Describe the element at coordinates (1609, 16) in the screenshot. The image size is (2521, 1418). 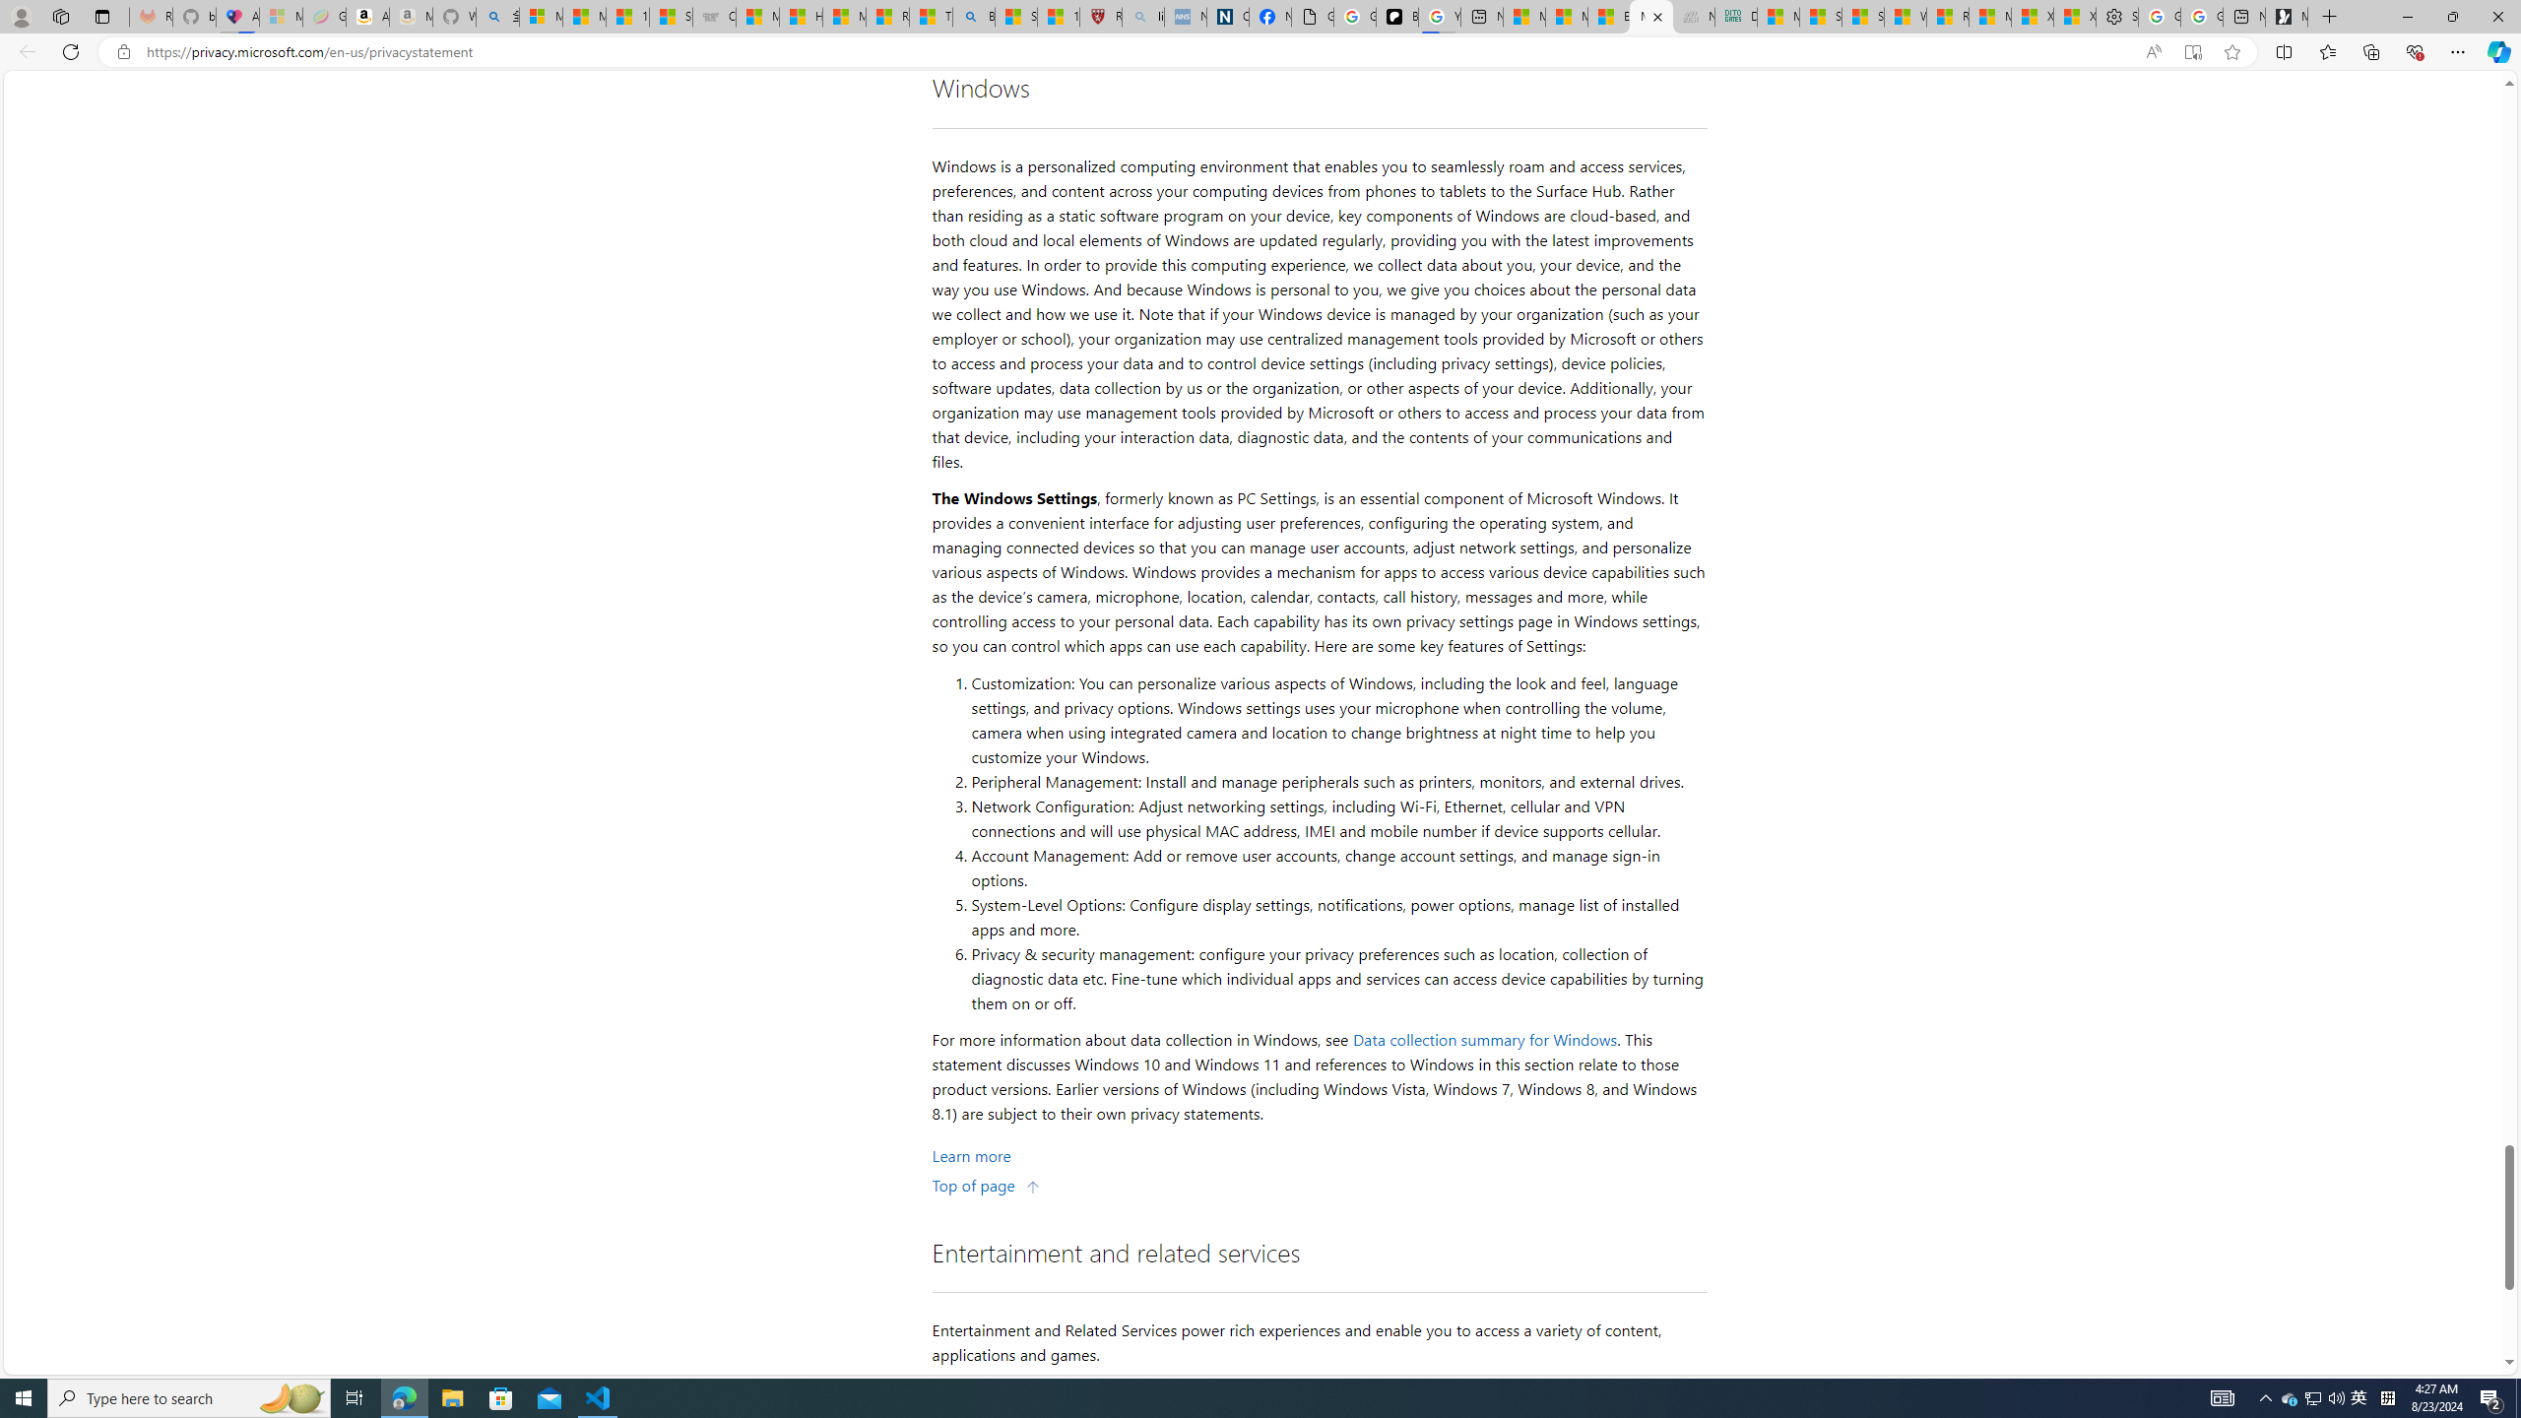
I see `'Entertainment - MSN'` at that location.